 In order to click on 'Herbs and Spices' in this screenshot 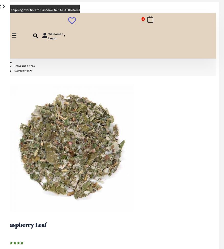, I will do `click(14, 66)`.